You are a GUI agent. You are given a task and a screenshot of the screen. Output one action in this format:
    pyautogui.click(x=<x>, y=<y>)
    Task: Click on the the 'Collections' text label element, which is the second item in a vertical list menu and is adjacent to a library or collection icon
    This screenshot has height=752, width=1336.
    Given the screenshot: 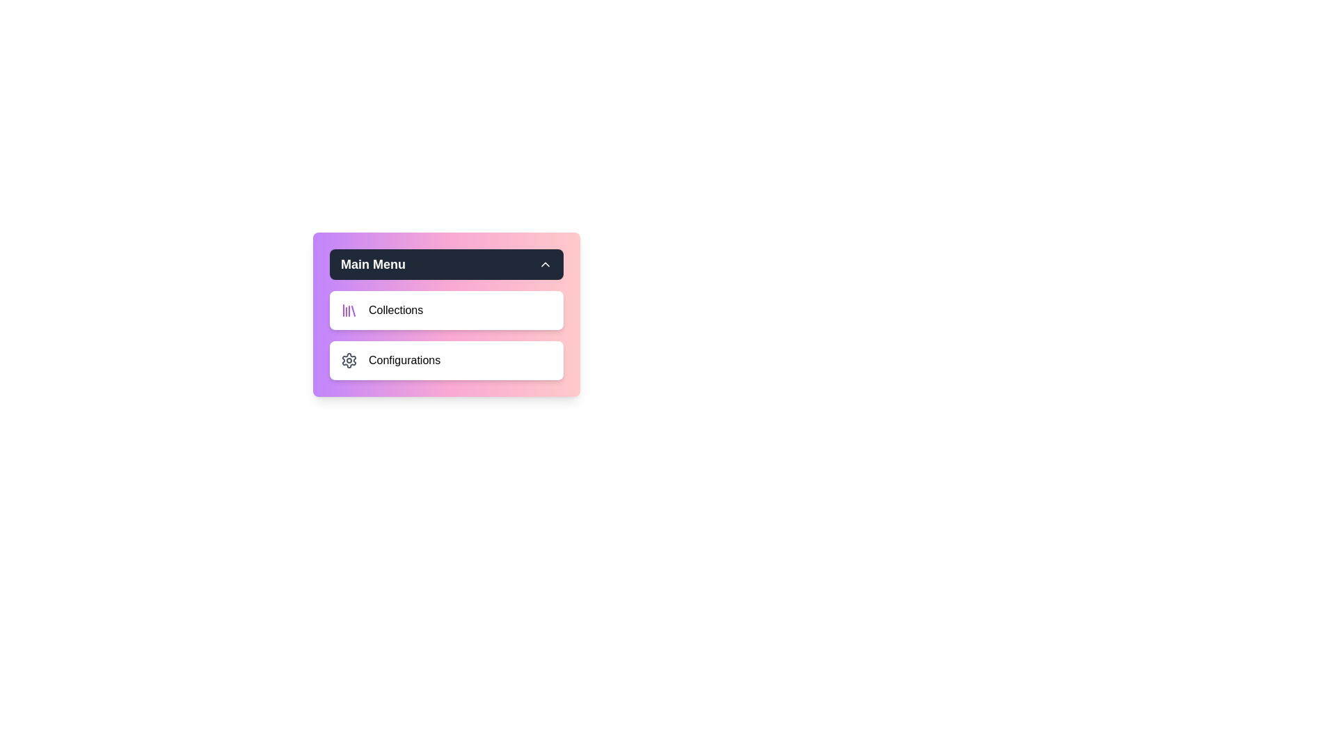 What is the action you would take?
    pyautogui.click(x=395, y=310)
    